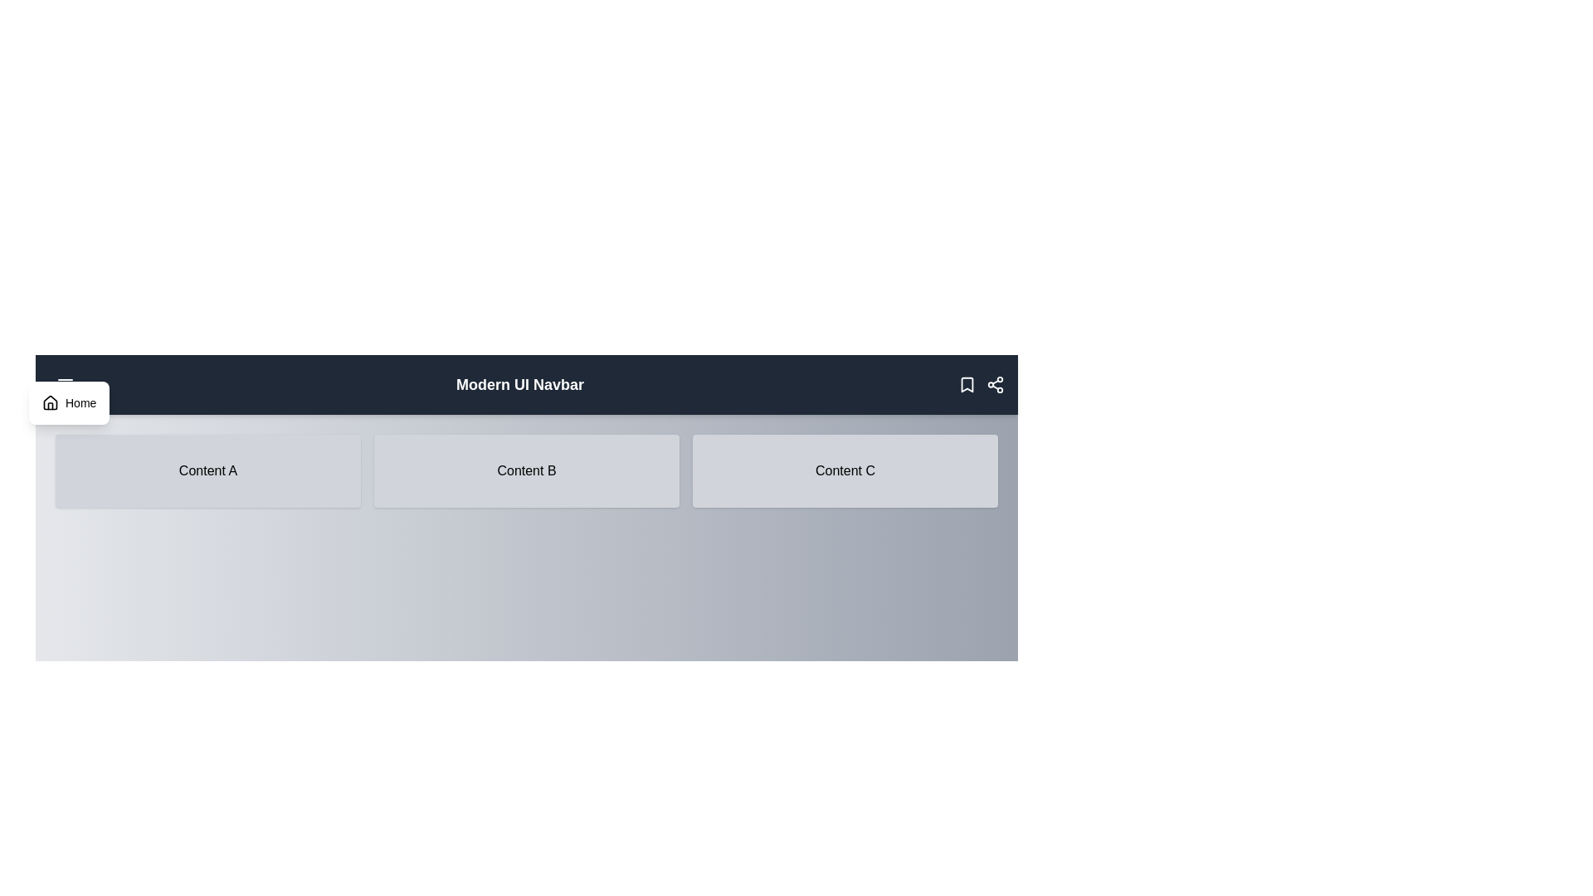  What do you see at coordinates (967, 384) in the screenshot?
I see `the 'Bookmark' icon in the navigation bar` at bounding box center [967, 384].